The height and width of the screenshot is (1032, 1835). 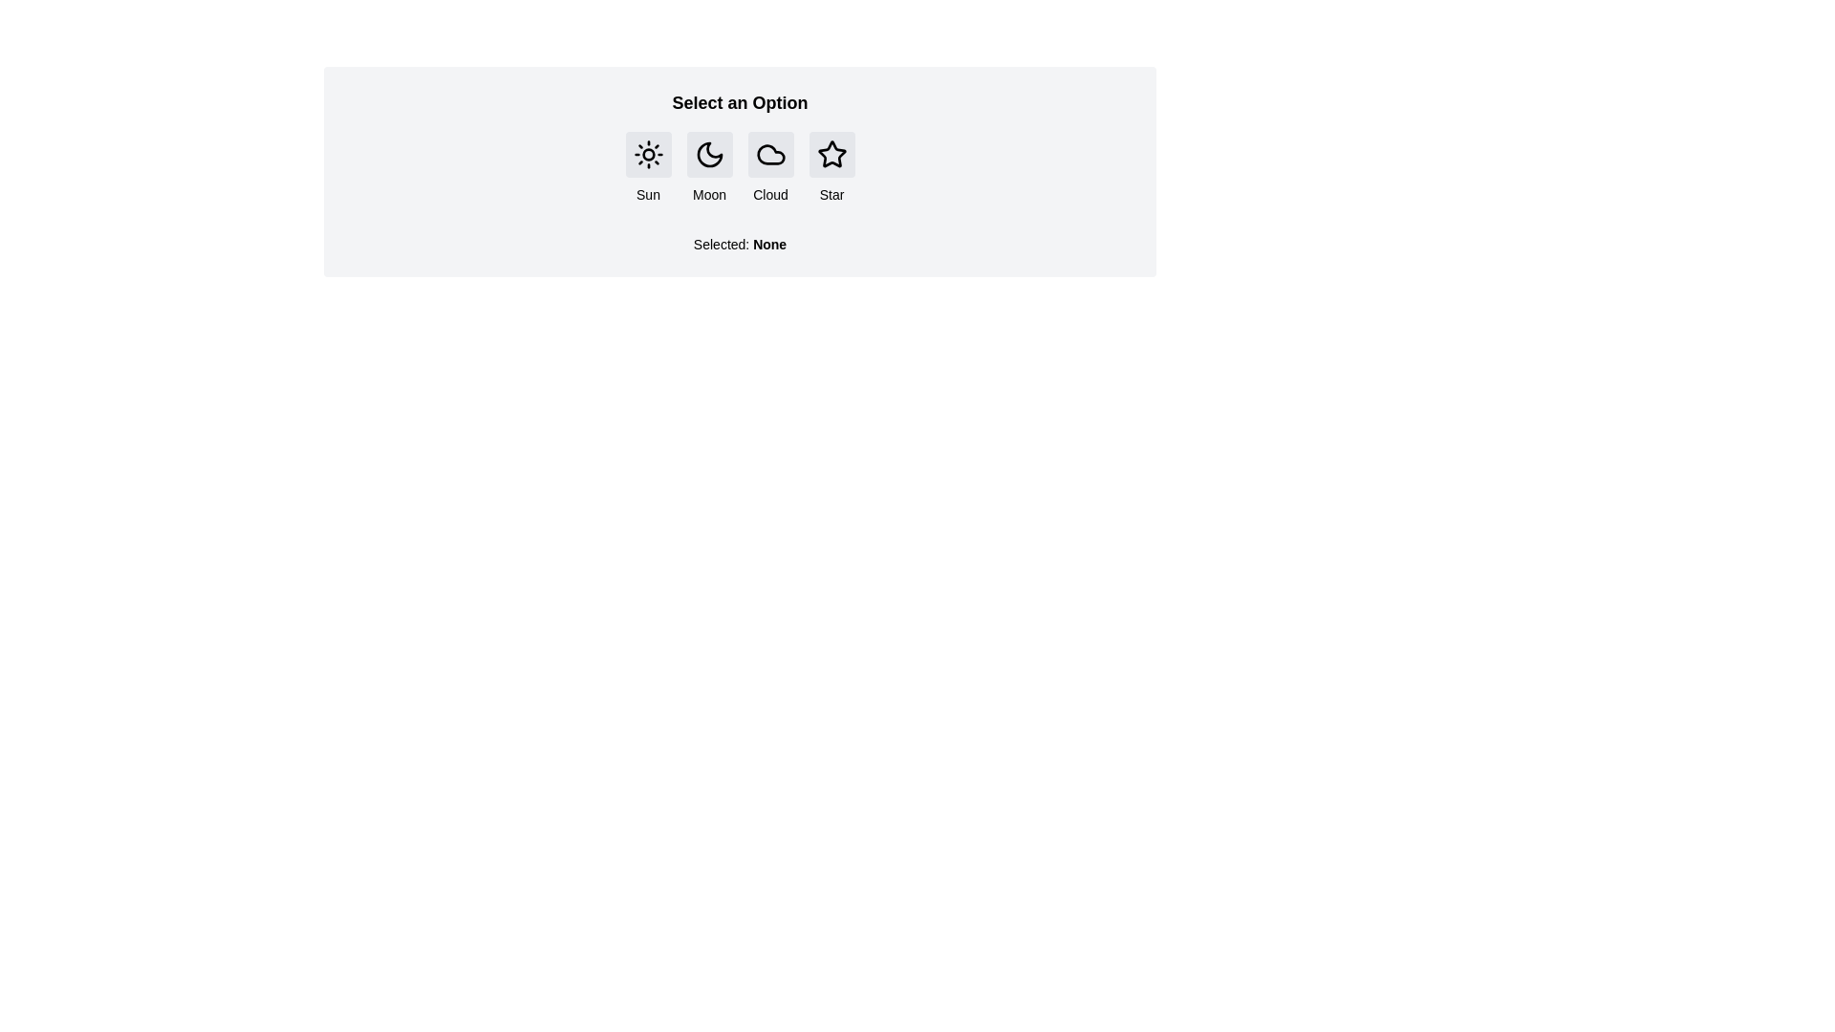 I want to click on the 'Moon' icon button, which is the second option in a horizontal row of four icons labeled 'Sun,' 'Moon,' 'Cloud,' and 'Star.', so click(x=708, y=154).